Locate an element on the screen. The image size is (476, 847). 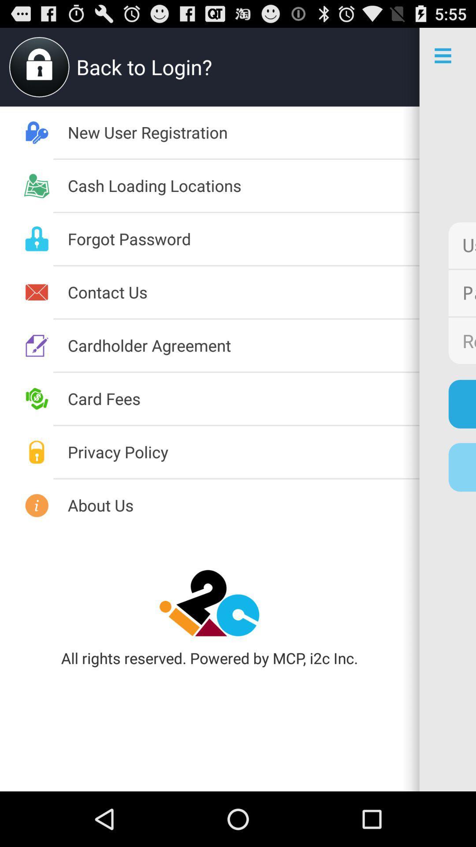
log in icon is located at coordinates (461, 404).